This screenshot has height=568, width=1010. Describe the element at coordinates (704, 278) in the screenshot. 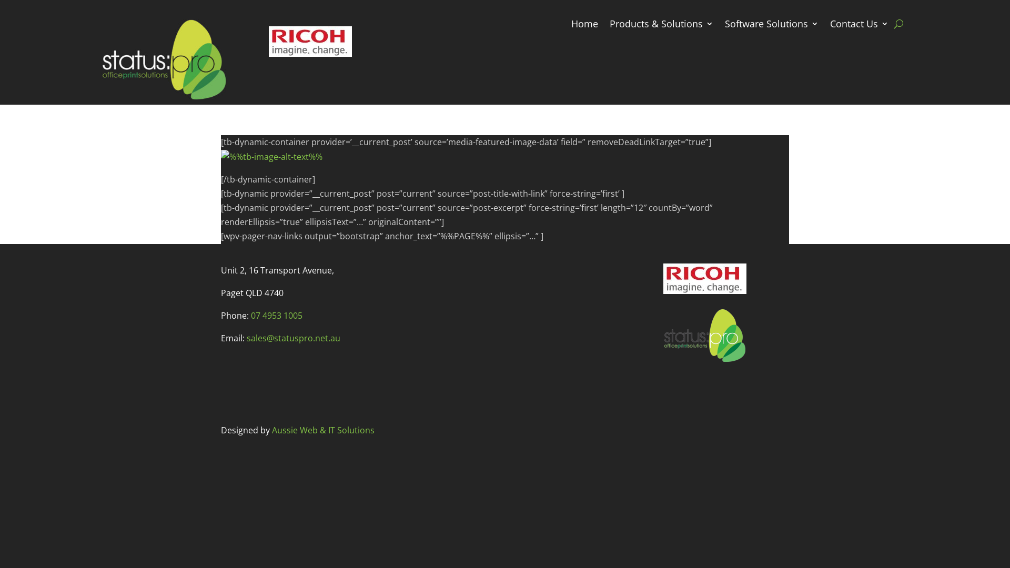

I see `'Ricoh'` at that location.